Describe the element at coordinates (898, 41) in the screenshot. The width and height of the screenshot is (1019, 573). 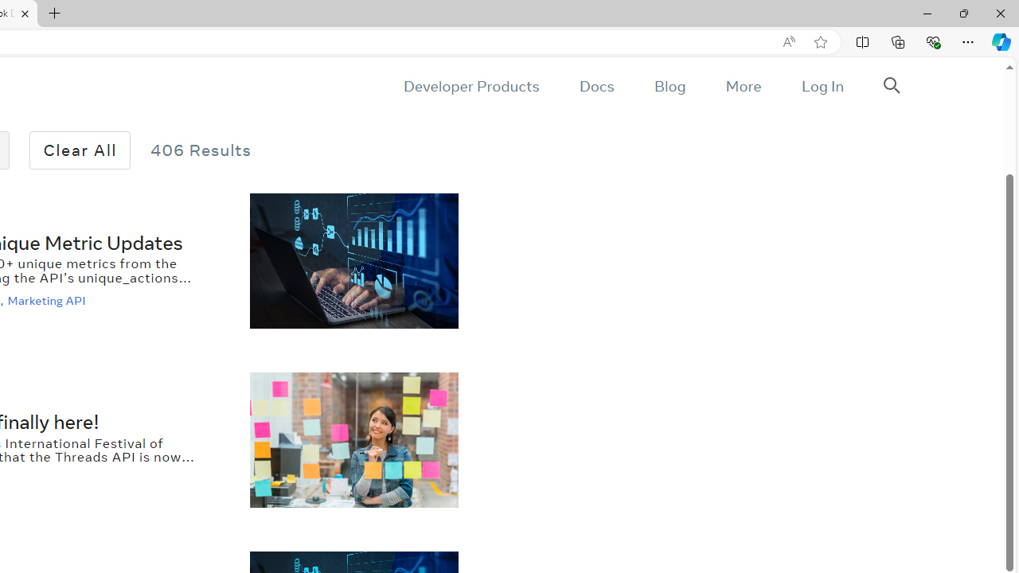
I see `'Collections'` at that location.